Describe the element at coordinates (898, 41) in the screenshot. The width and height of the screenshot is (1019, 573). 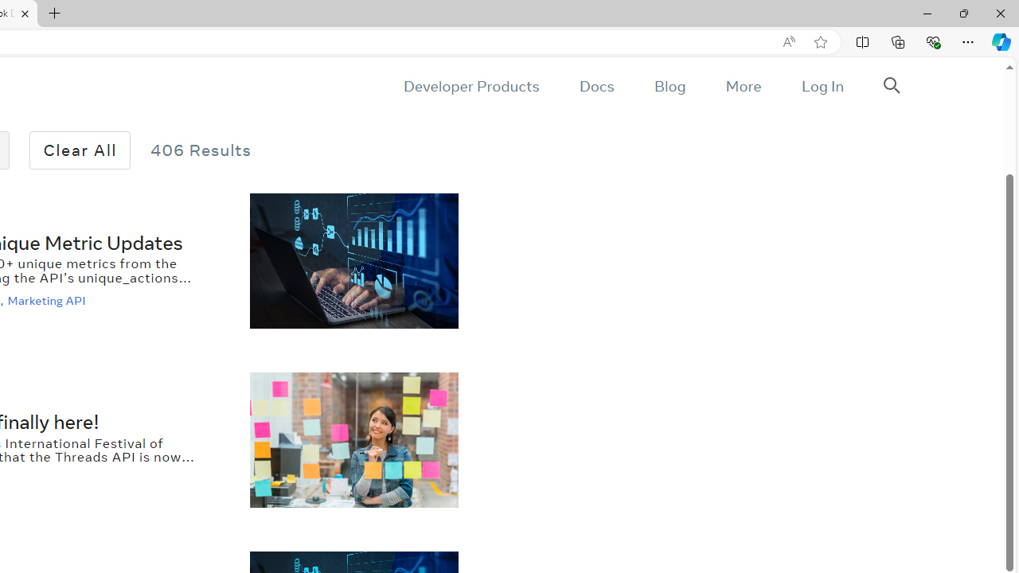
I see `'Collections'` at that location.